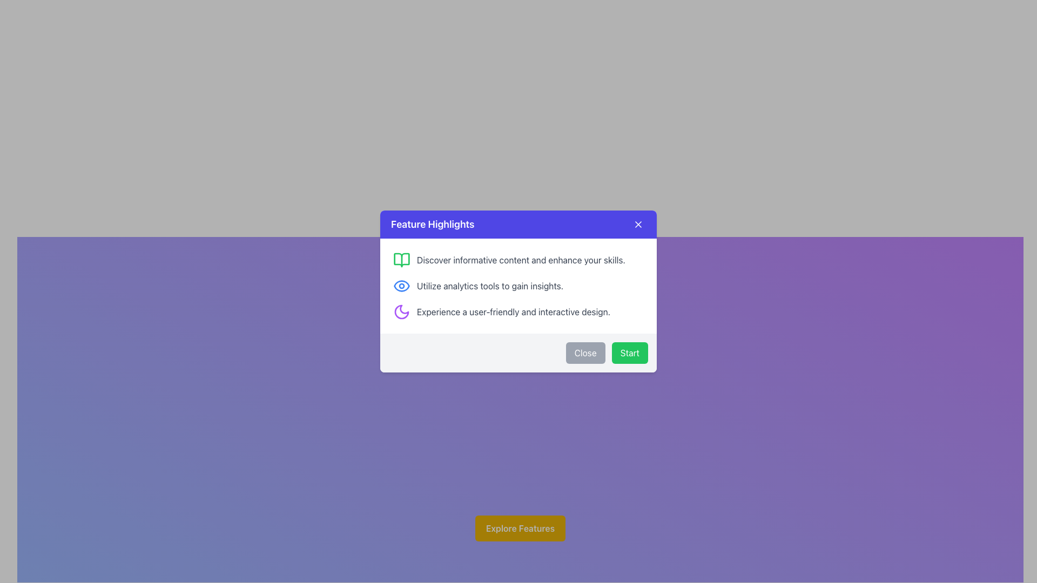 The width and height of the screenshot is (1037, 583). What do you see at coordinates (638, 224) in the screenshot?
I see `the small 'X' icon with a white stroke on a purple background located in the upper-right corner of the 'Feature Highlights' modal` at bounding box center [638, 224].